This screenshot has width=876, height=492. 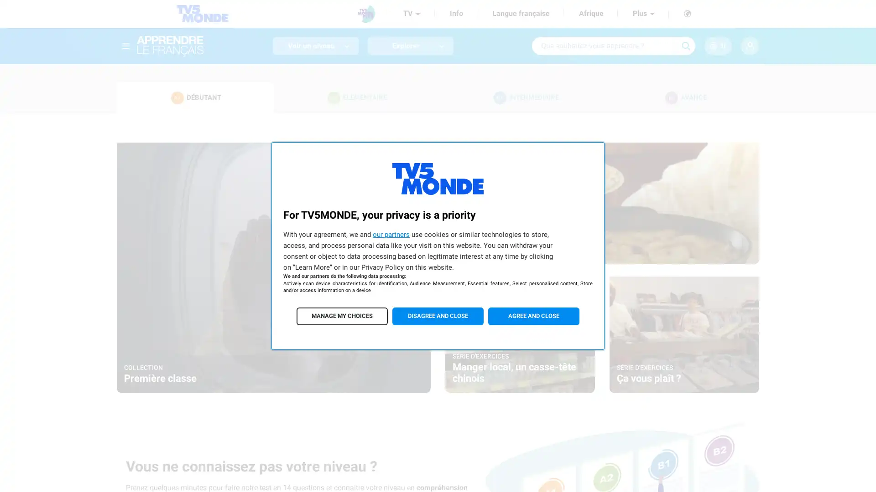 I want to click on Access my profile, so click(x=750, y=46).